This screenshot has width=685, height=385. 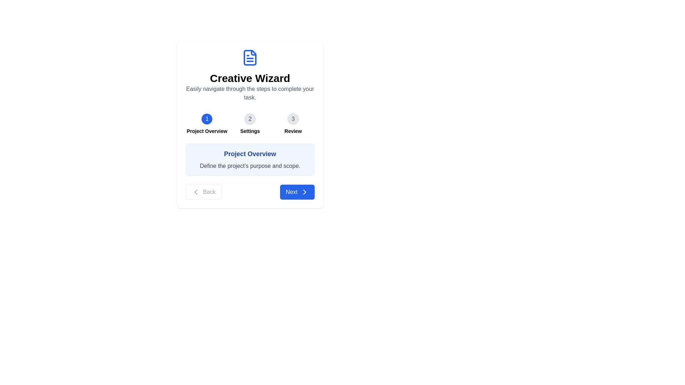 What do you see at coordinates (203, 192) in the screenshot?
I see `the 'Back' button, which is a gray-bordered button with rounded corners and a leftward-pointing arrow icon, located at the bottom left of the 'Creative Wizard' interface` at bounding box center [203, 192].